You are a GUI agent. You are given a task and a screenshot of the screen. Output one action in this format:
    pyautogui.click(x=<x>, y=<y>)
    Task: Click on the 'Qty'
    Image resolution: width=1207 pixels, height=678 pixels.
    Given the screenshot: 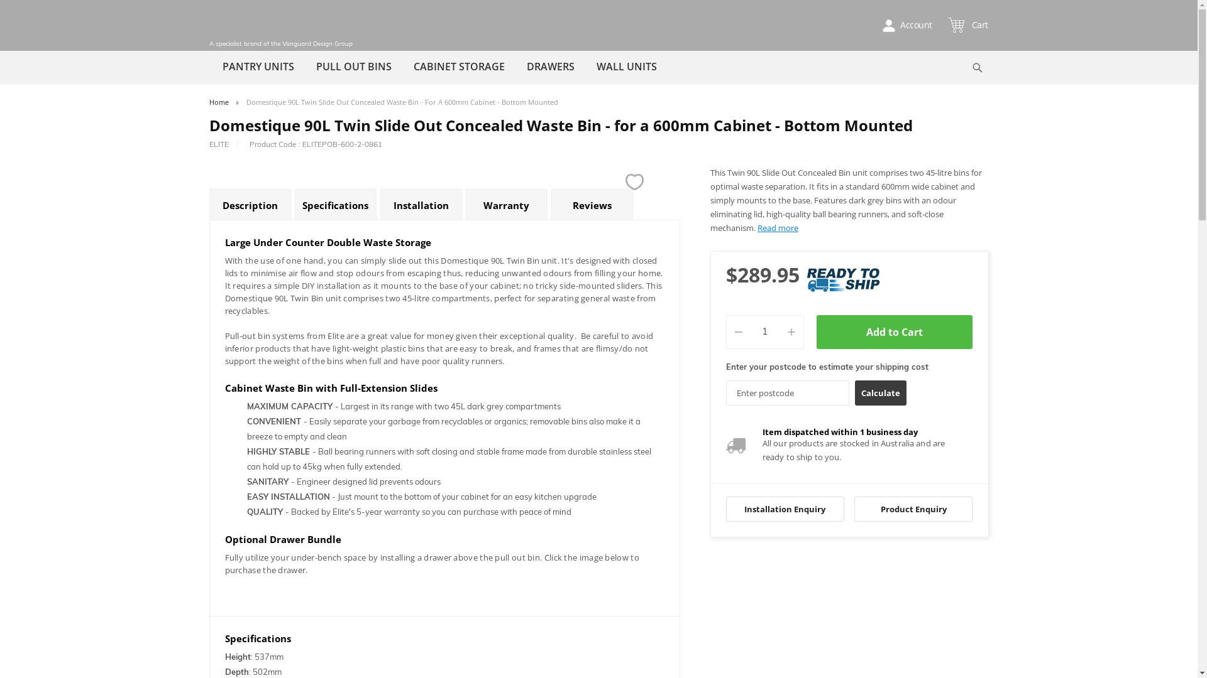 What is the action you would take?
    pyautogui.click(x=764, y=331)
    